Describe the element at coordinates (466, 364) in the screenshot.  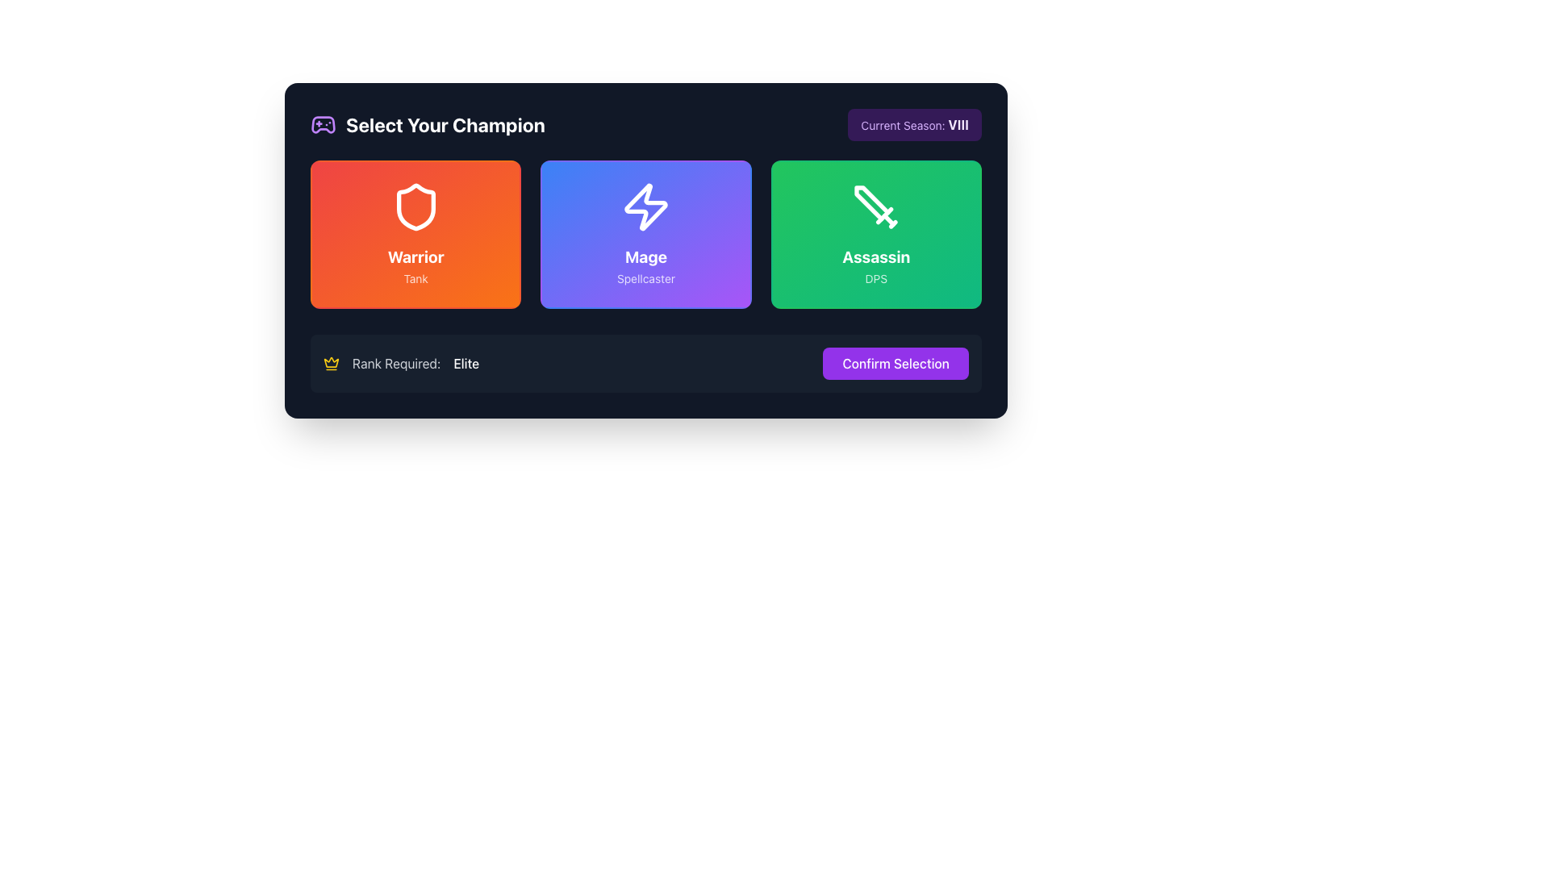
I see `the 'Elite' rank requirement text label located at the bottom-right of the 'Rank Required:' group` at that location.